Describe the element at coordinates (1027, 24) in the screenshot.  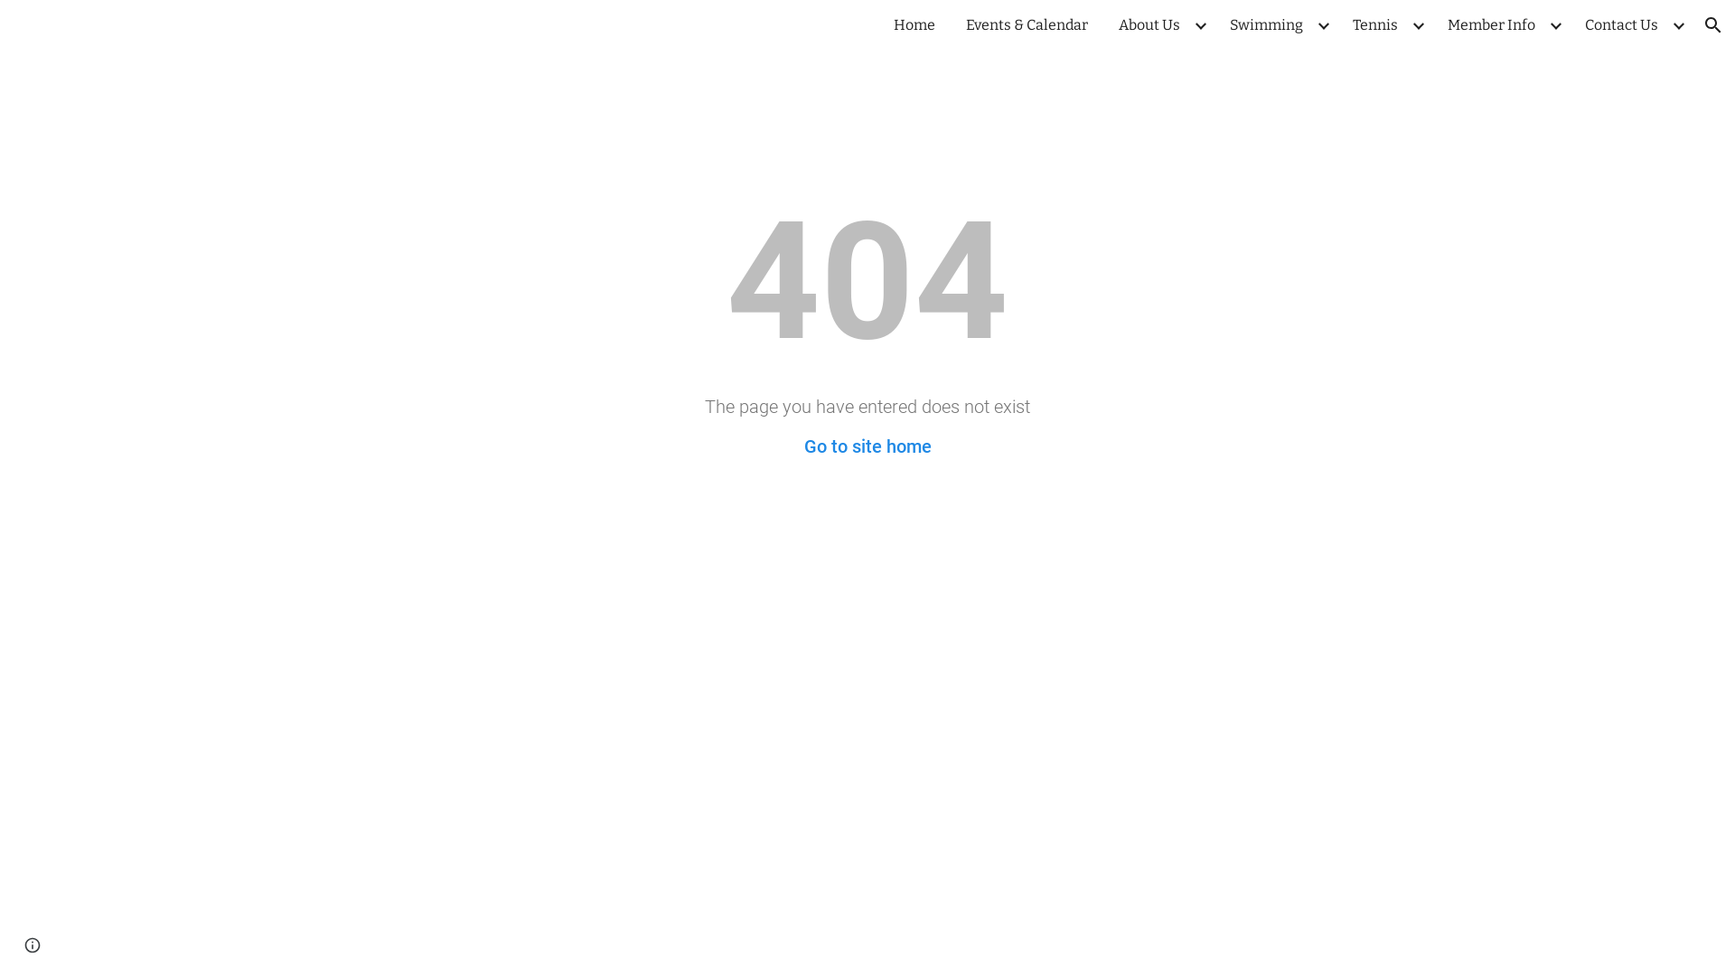
I see `'Events & Calendar'` at that location.